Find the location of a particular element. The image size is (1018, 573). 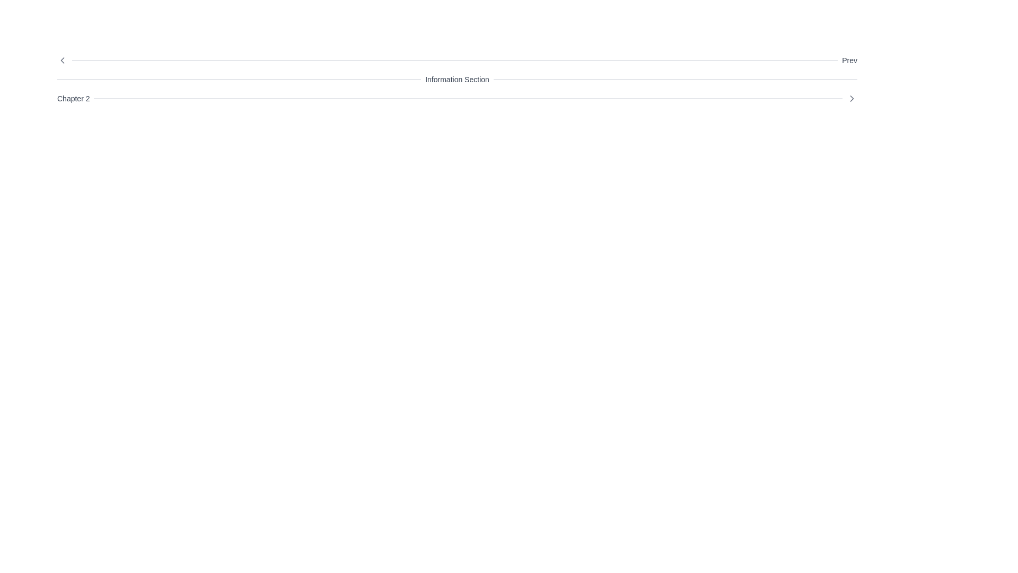

the left-chevron icon with a gray outline, which is part of a navigation control and is positioned to the left of the text 'Prev' is located at coordinates (62, 60).